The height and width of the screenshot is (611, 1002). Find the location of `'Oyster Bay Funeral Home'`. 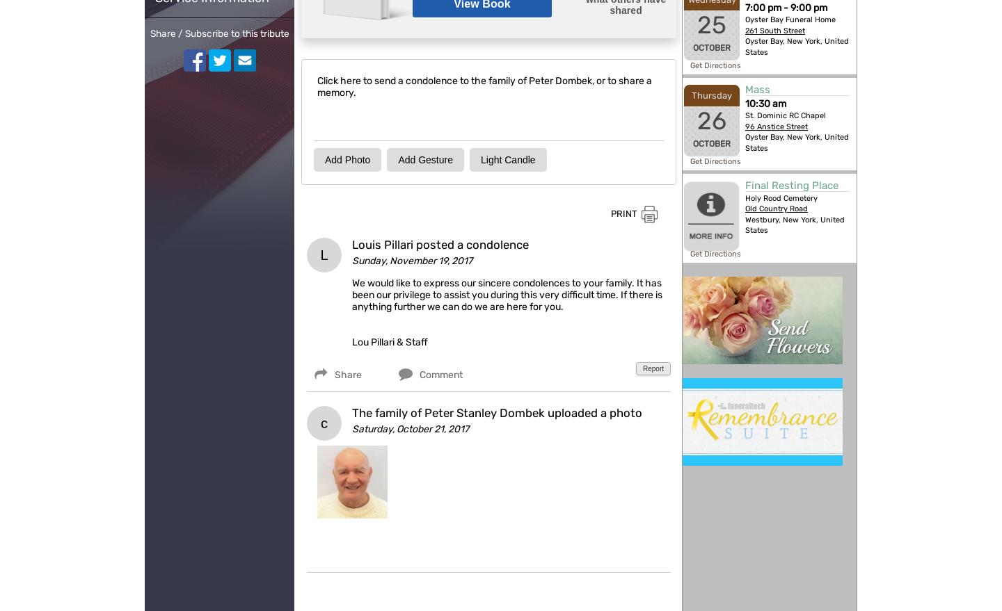

'Oyster Bay Funeral Home' is located at coordinates (790, 19).